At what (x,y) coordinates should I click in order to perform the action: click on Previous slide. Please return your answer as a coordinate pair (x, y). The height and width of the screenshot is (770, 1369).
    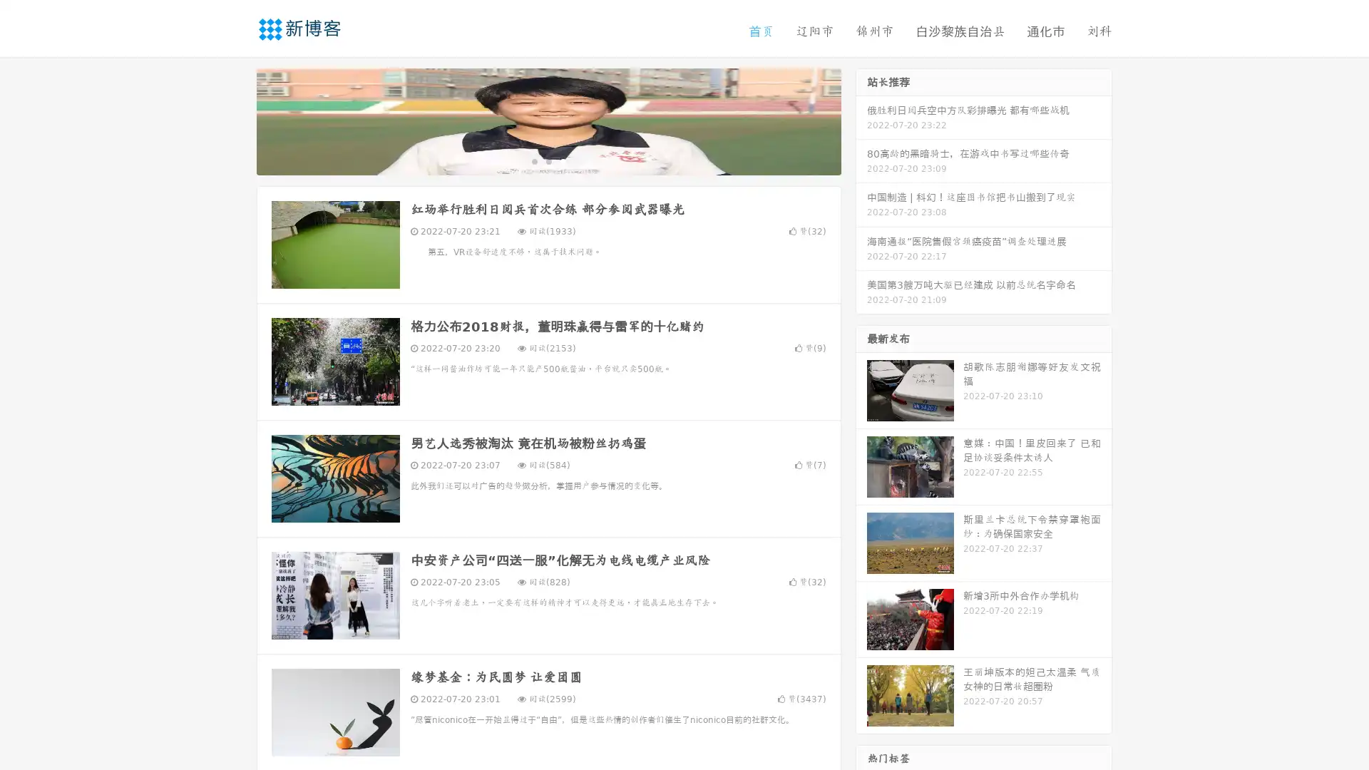
    Looking at the image, I should click on (235, 120).